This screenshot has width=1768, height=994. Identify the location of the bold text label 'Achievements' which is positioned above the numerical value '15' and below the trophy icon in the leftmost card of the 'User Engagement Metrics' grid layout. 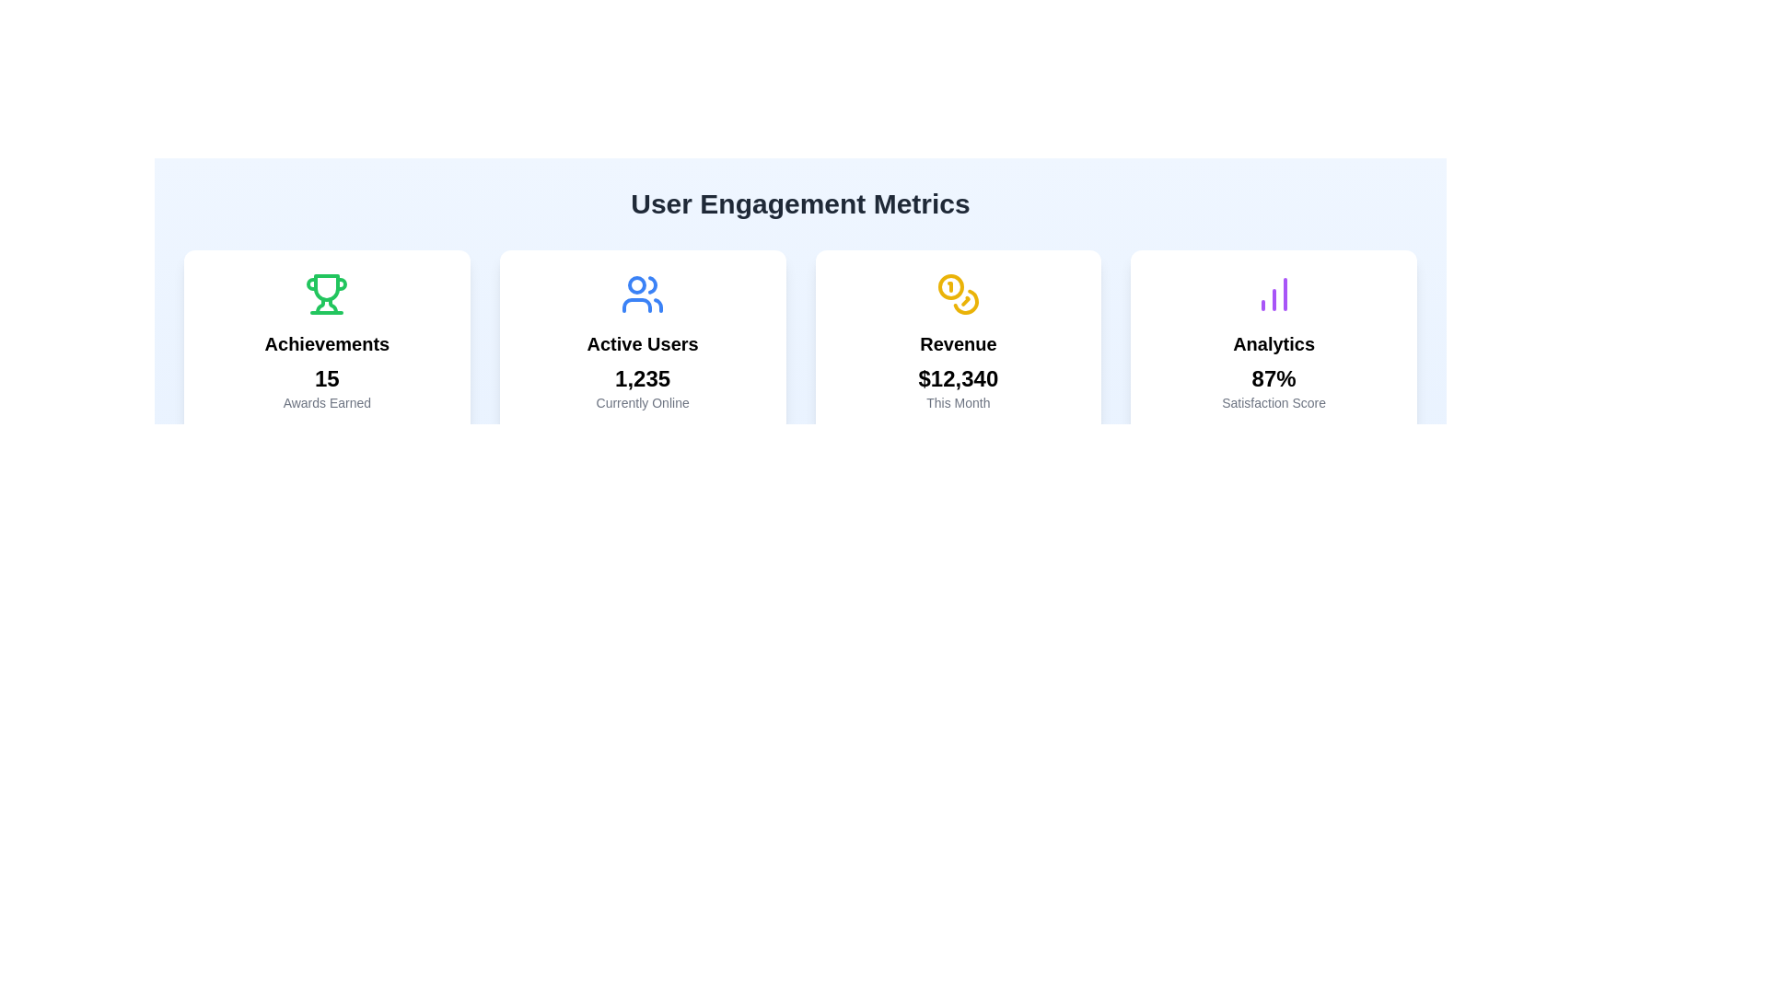
(327, 344).